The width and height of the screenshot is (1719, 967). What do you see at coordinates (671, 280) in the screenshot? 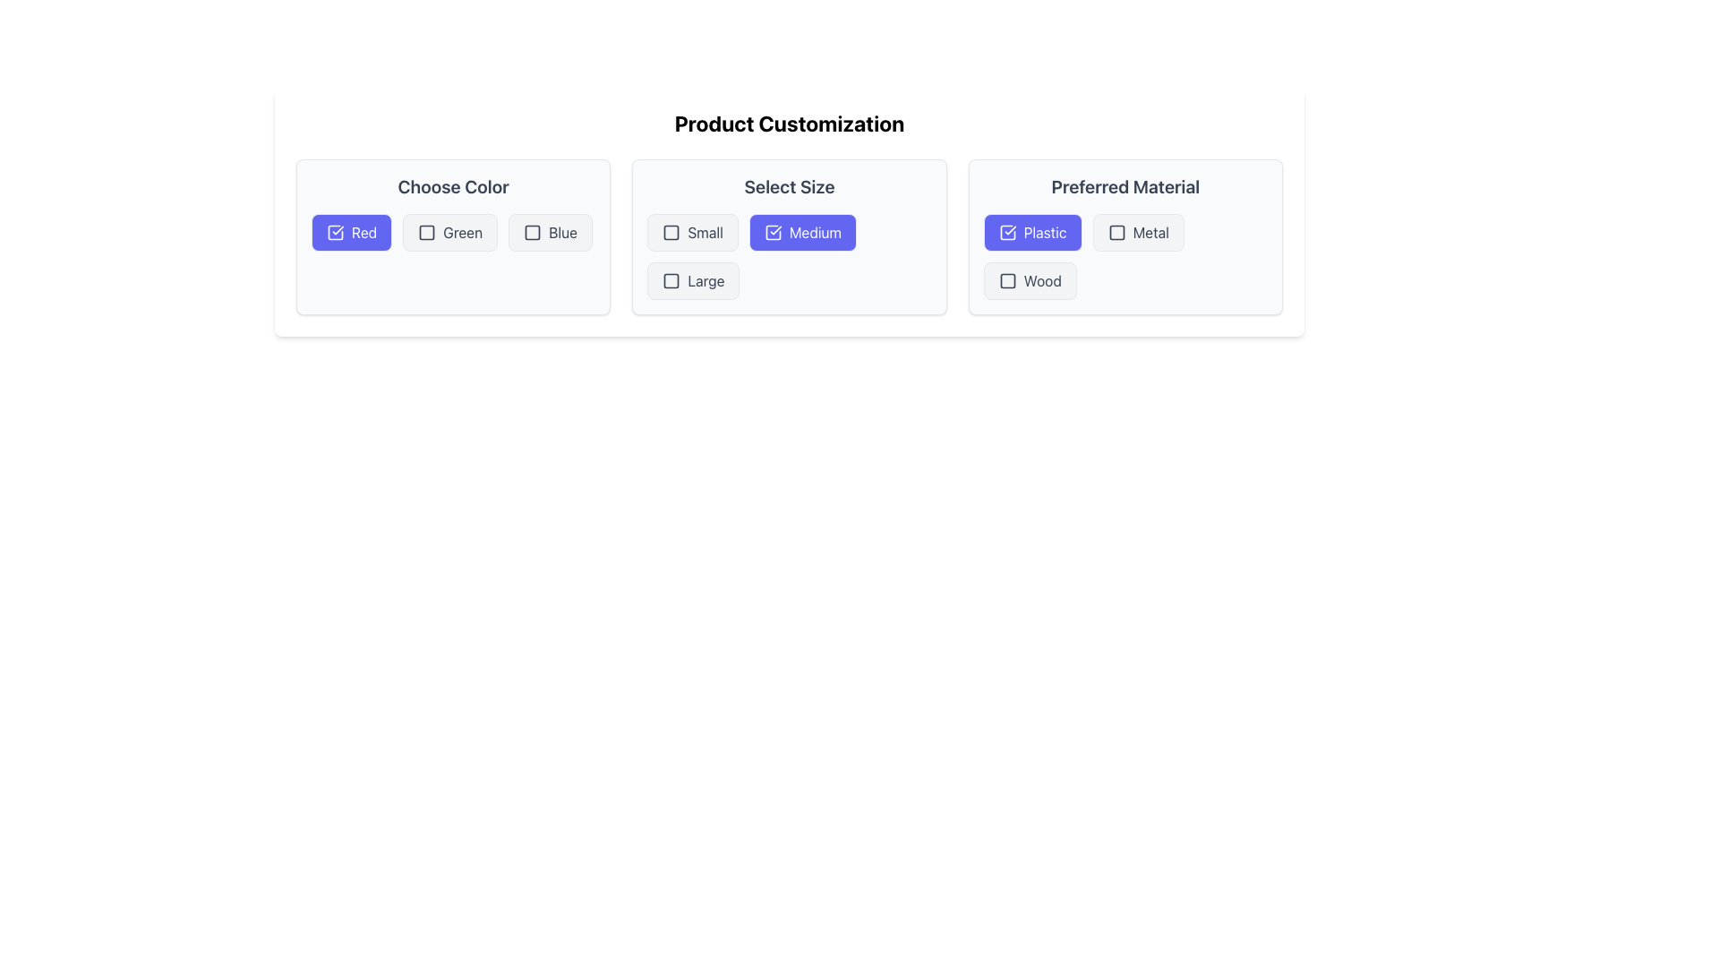
I see `the interactive checkbox for the 'Large' size option located in the 'Select Size' section, positioned to the left of the label text 'Large'` at bounding box center [671, 280].